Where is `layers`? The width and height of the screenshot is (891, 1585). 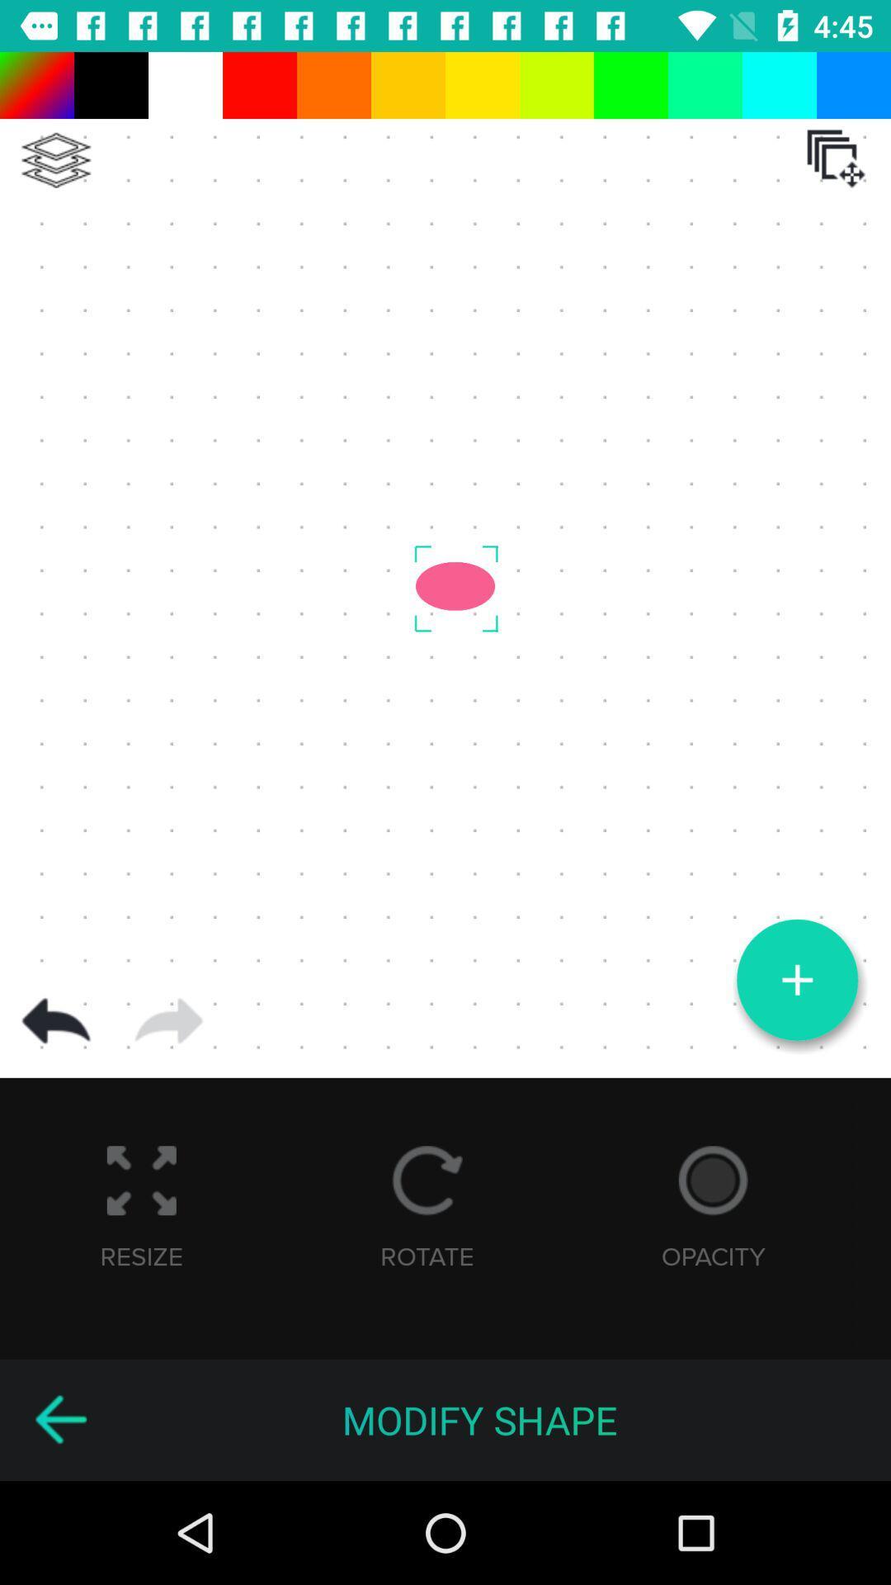
layers is located at coordinates (55, 160).